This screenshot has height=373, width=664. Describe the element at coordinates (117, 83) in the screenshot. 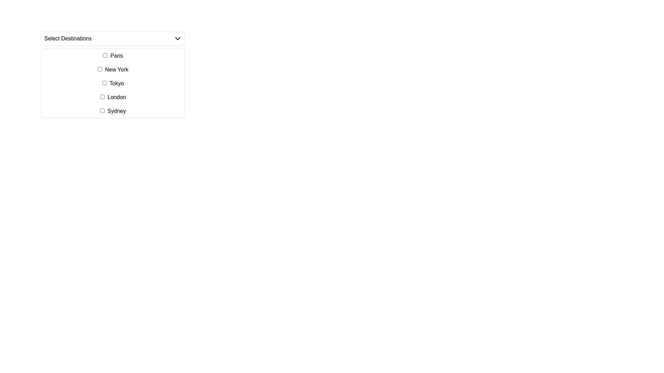

I see `label for the checkbox option 'Tokyo' within the 'Select Destinations' dropdown menu, which is the third item in the list` at that location.